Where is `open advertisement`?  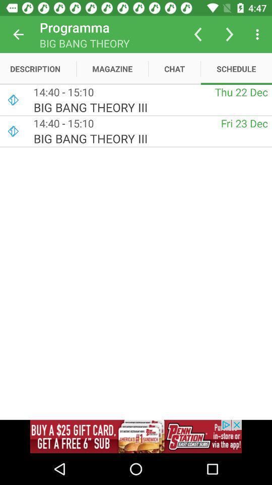
open advertisement is located at coordinates (136, 436).